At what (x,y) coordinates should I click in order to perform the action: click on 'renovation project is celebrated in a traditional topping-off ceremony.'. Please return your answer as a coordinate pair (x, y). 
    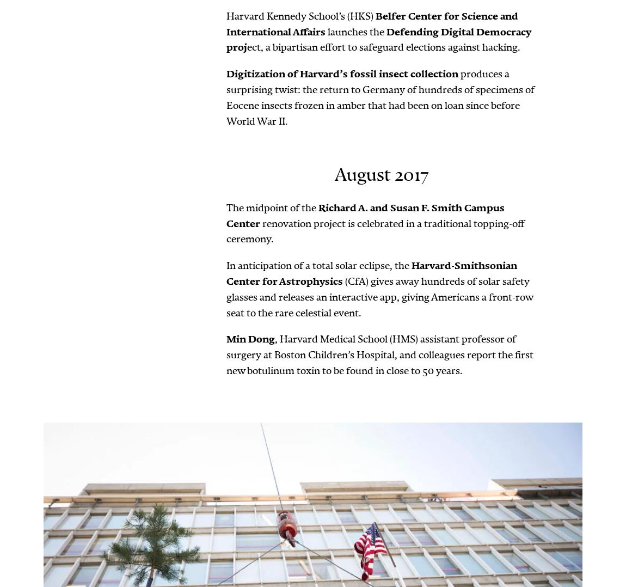
    Looking at the image, I should click on (375, 230).